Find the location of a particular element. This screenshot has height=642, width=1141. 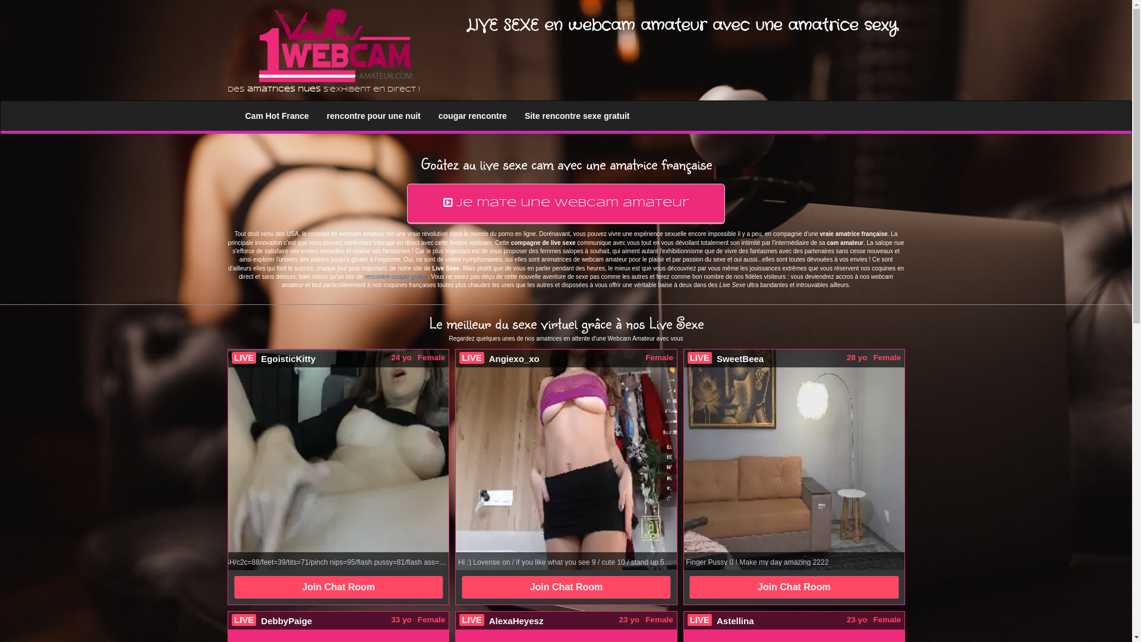

'Cam Hot France' is located at coordinates (276, 116).